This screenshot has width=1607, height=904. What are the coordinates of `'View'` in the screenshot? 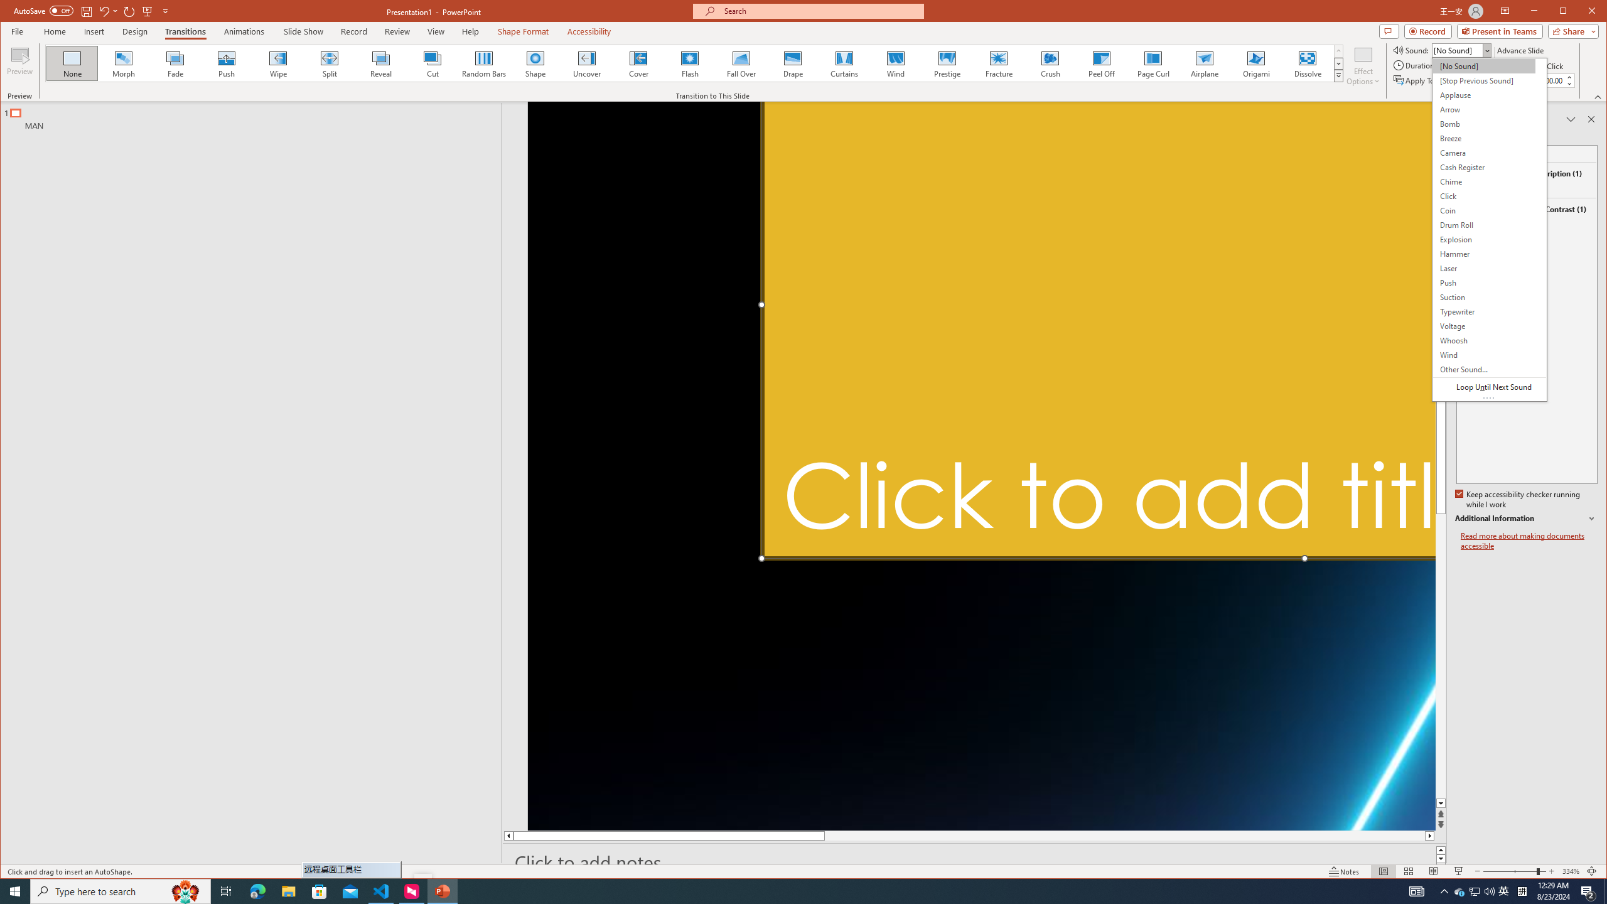 It's located at (436, 31).